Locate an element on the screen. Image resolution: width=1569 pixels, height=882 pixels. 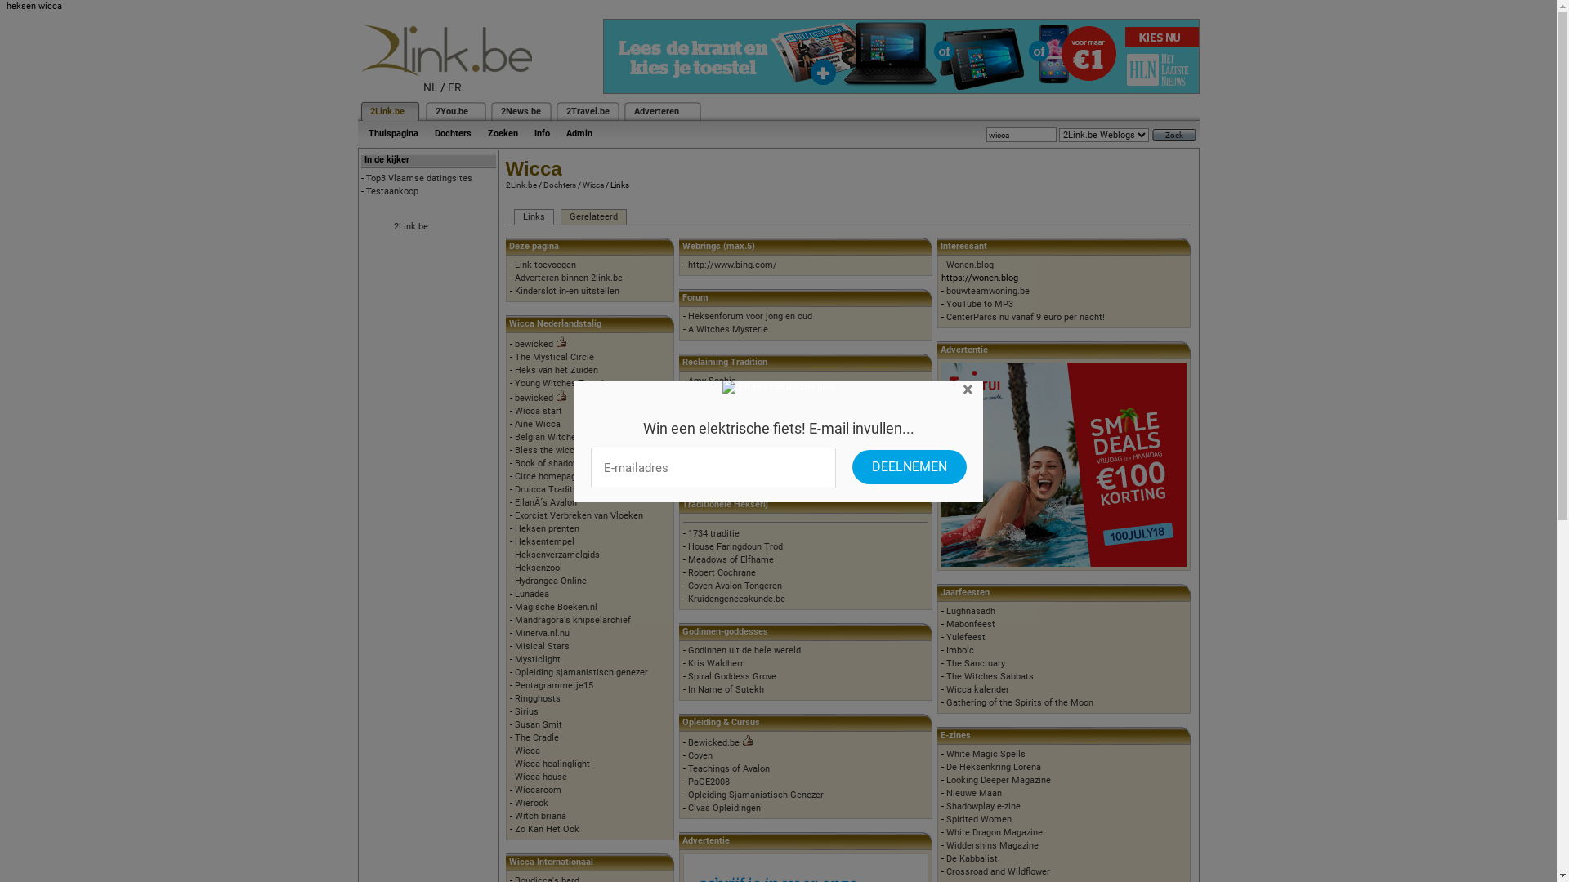
'Magische Boeken.nl' is located at coordinates (513, 607).